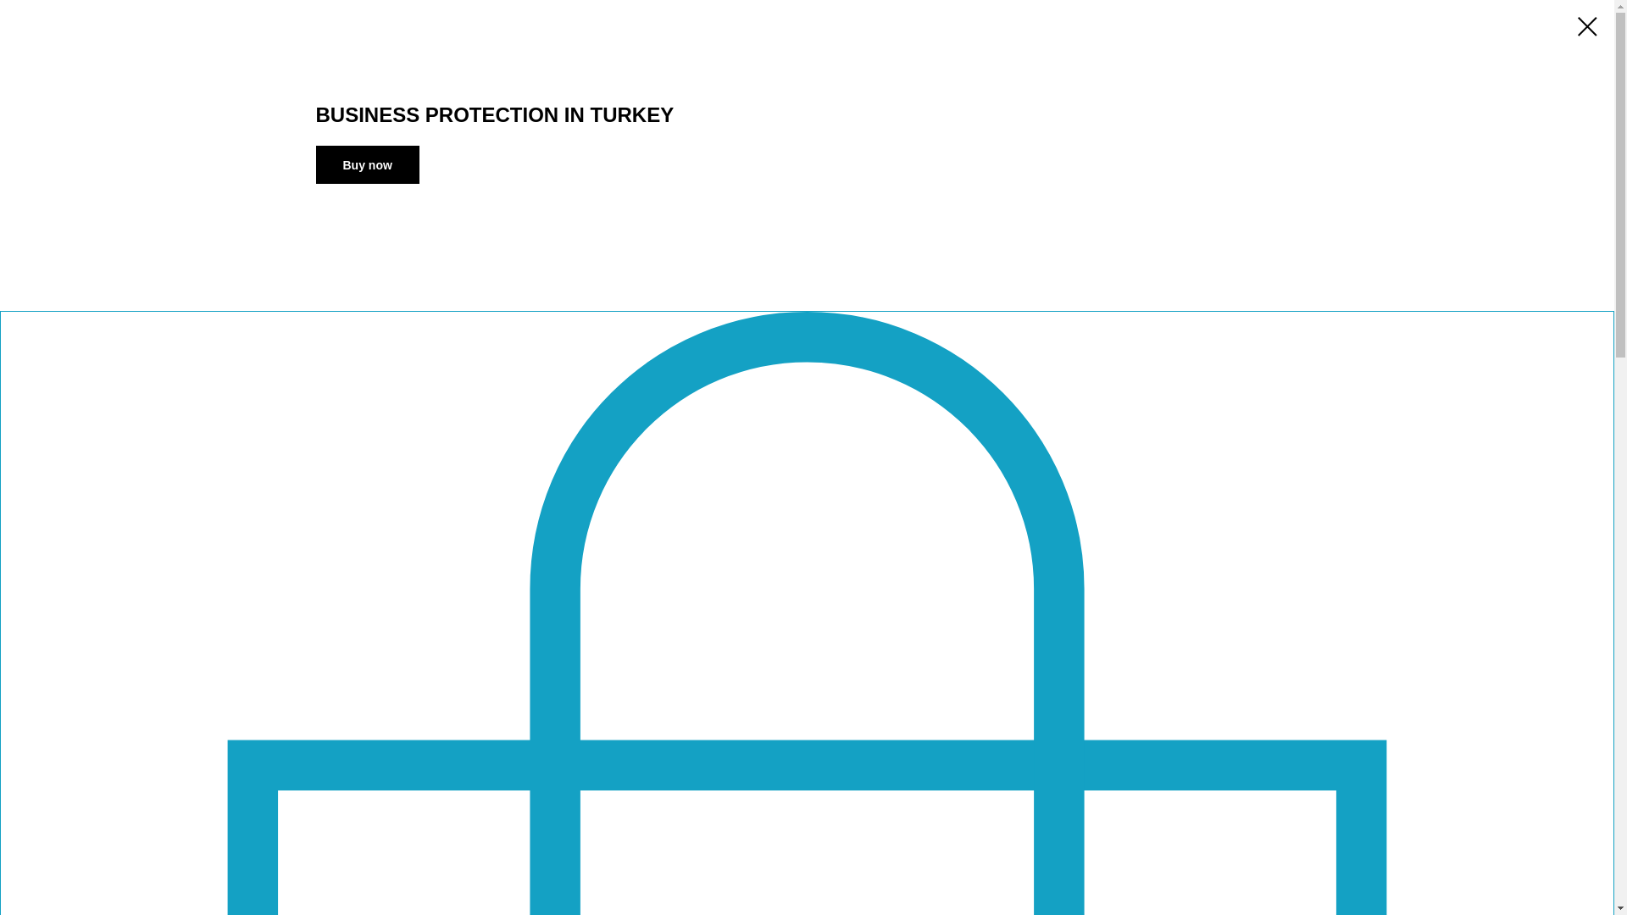 This screenshot has height=915, width=1627. I want to click on 'Buy now', so click(315, 164).